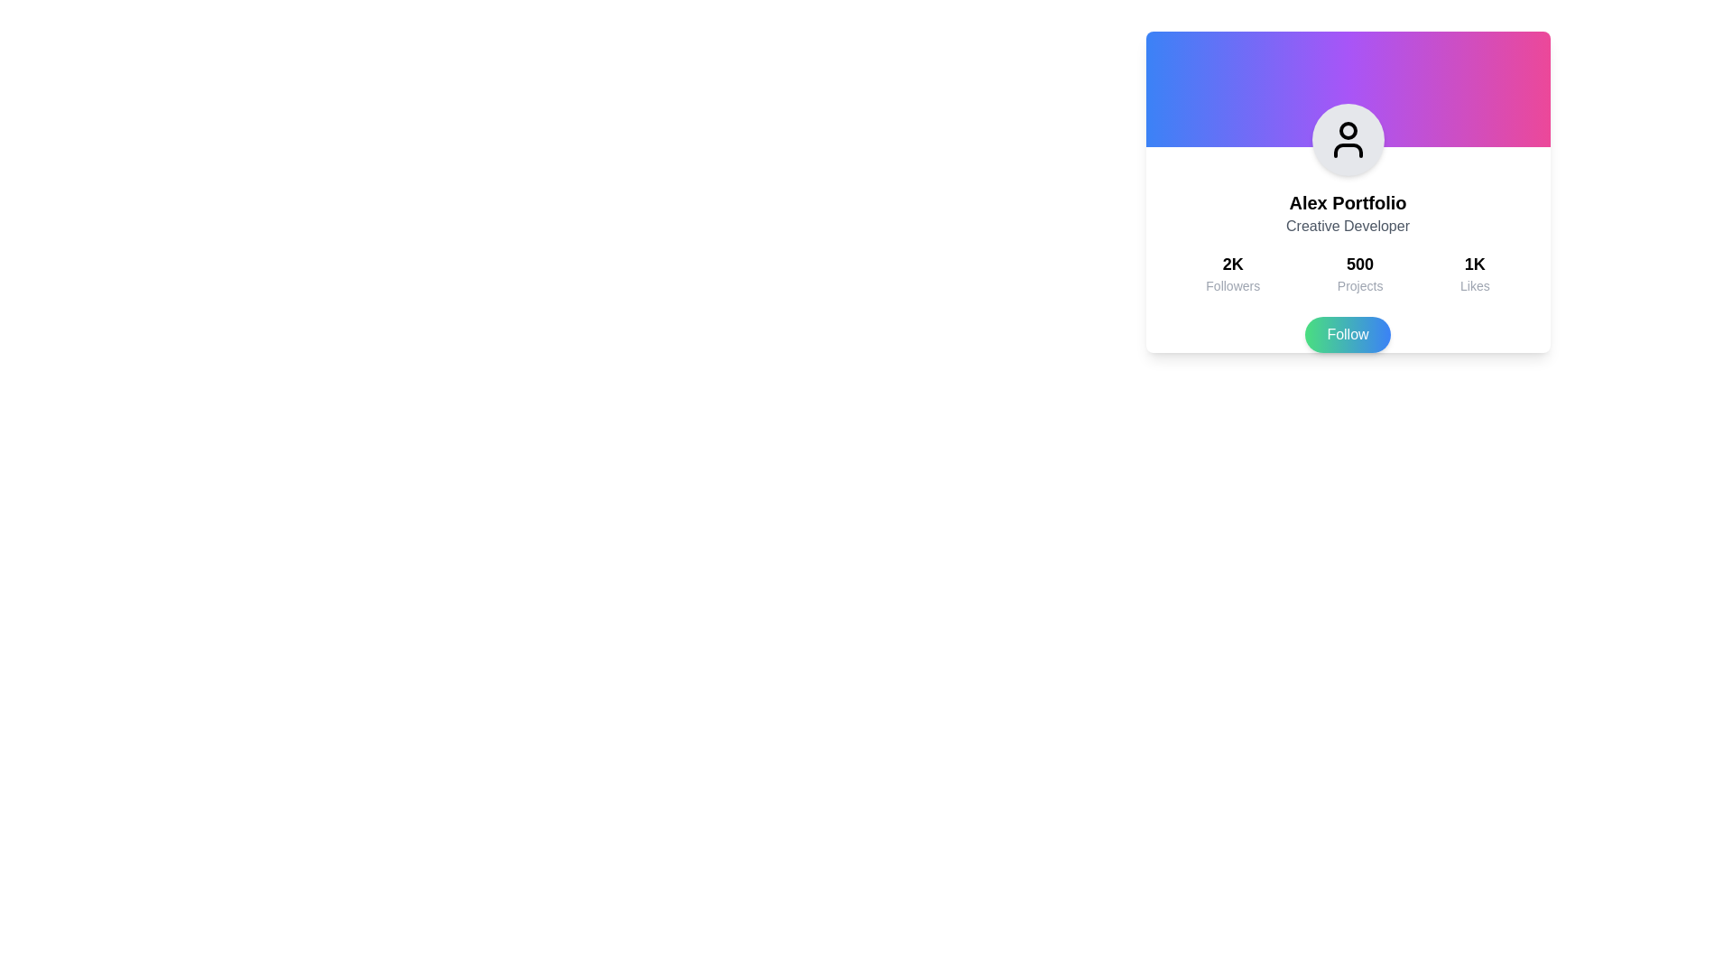 The height and width of the screenshot is (975, 1733). Describe the element at coordinates (1475, 284) in the screenshot. I see `the 'Likes' text label, which is a small, light gray font positioned below the bold '1K' text, aligned to the right among 'Followers' and 'Projects'` at that location.